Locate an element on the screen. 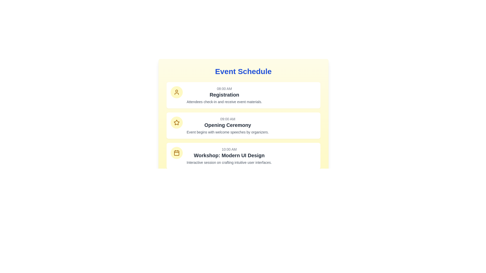 This screenshot has height=273, width=486. the circular yellow background containing the brown calendar icon located in the third event card of the schedule is located at coordinates (176, 153).